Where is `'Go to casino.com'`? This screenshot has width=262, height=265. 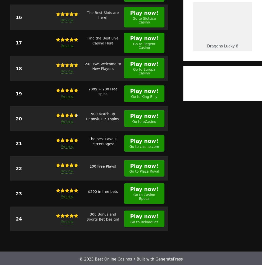
'Go to casino.com' is located at coordinates (144, 146).